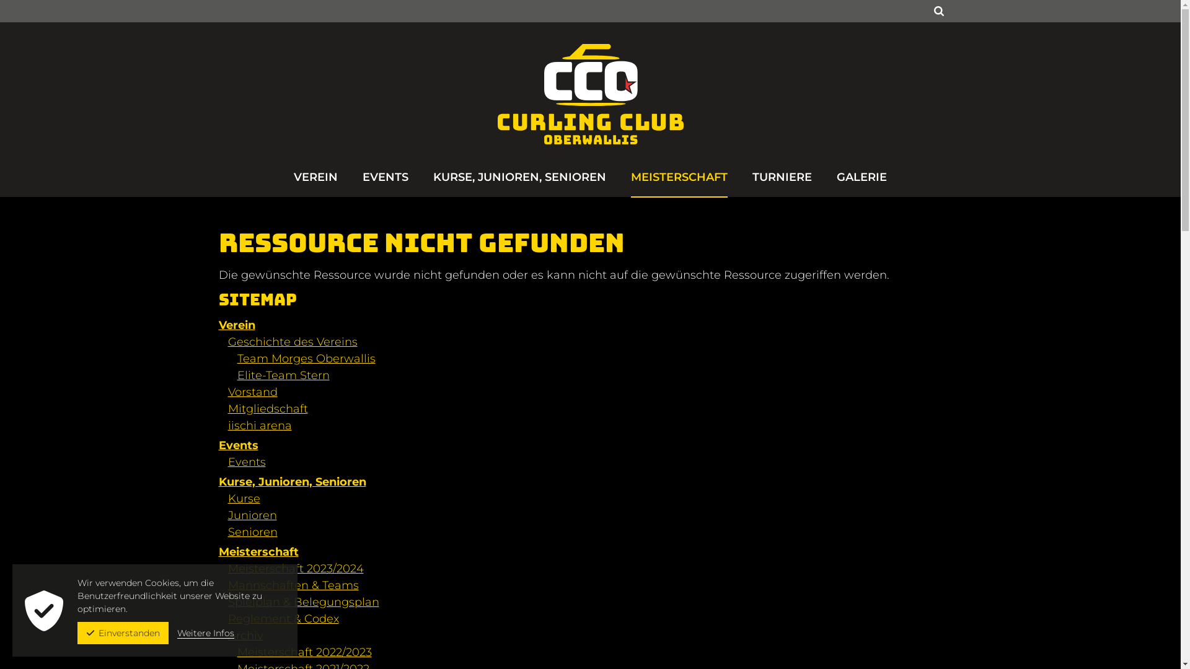 The image size is (1190, 669). Describe the element at coordinates (237, 652) in the screenshot. I see `'Meisterschaft 2022/2023'` at that location.